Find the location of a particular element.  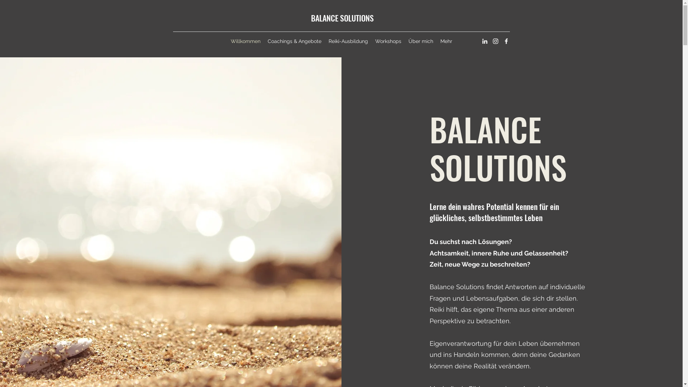

'Coachings & Angebote' is located at coordinates (263, 41).